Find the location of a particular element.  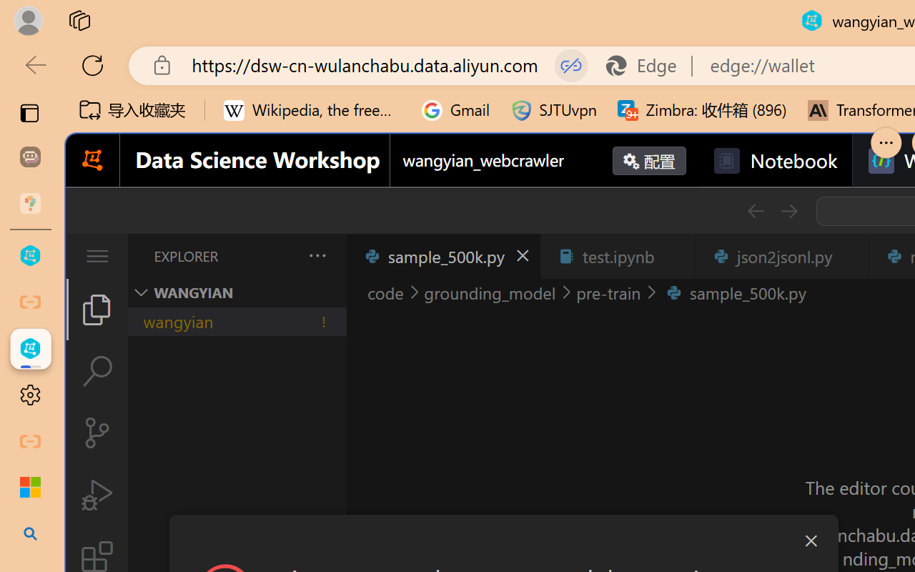

'Views and More Actions...' is located at coordinates (315, 255).